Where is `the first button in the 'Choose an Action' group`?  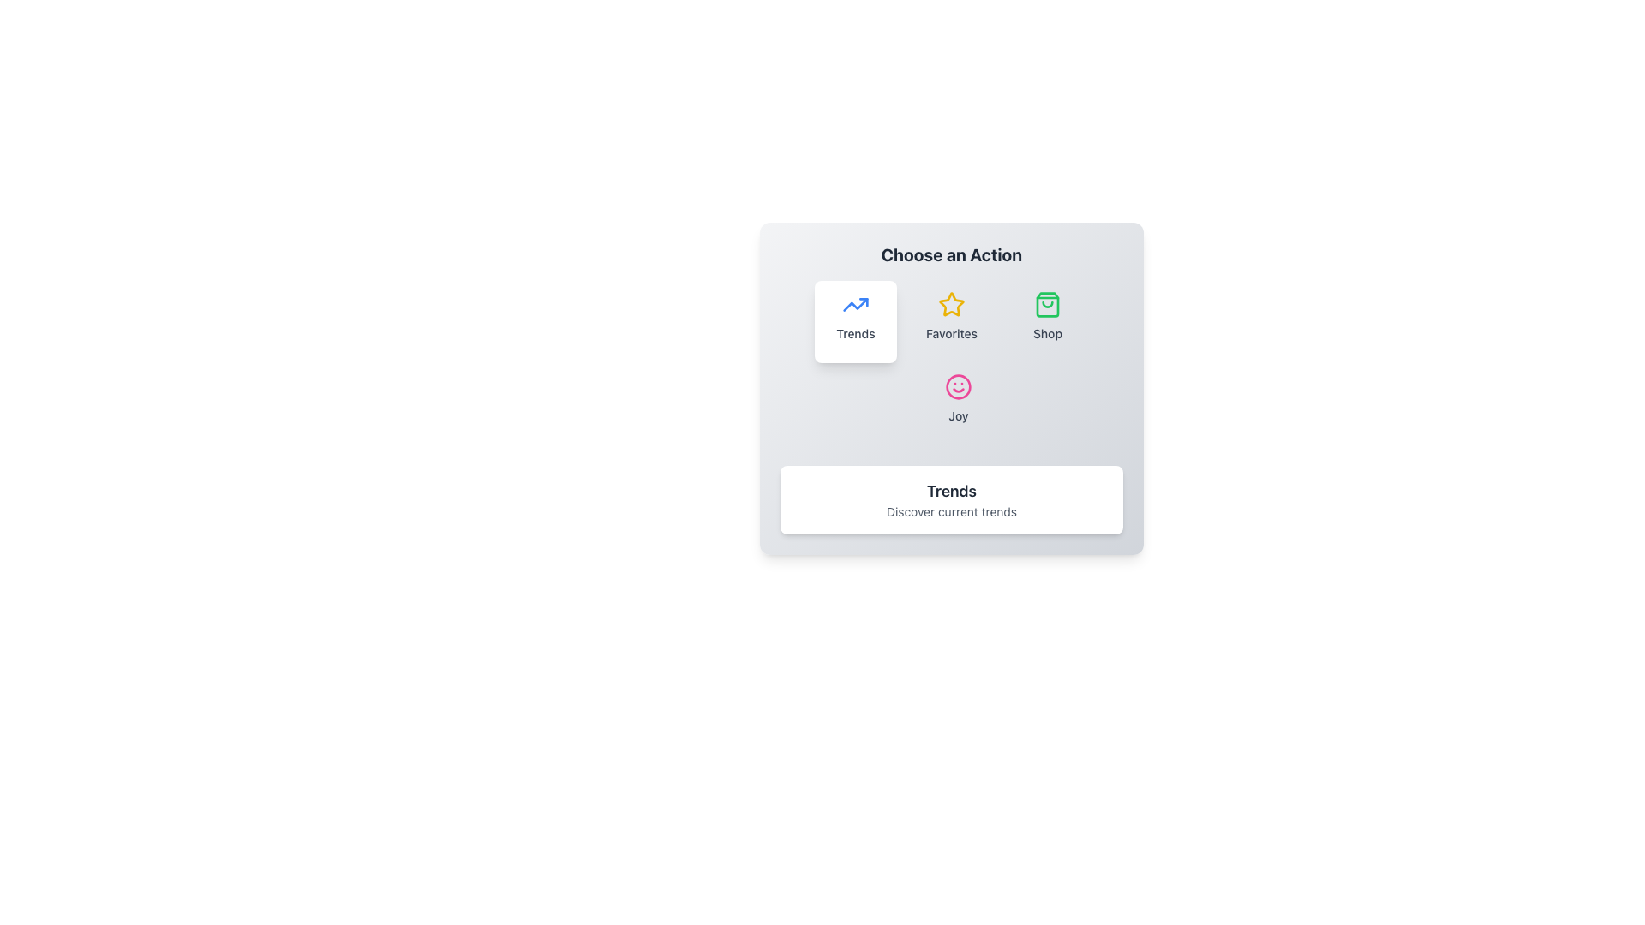
the first button in the 'Choose an Action' group is located at coordinates (855, 321).